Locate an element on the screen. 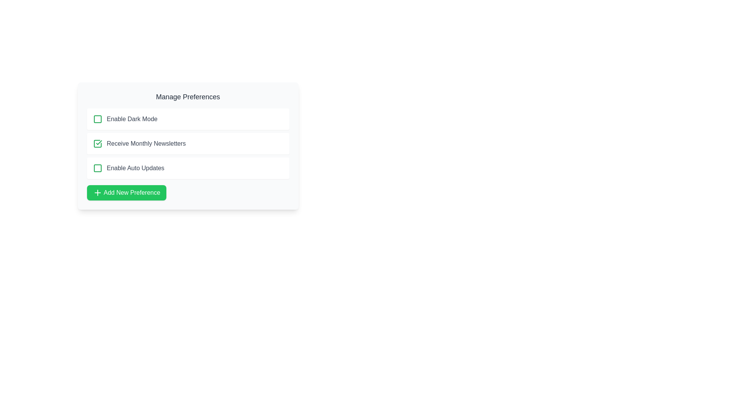 The height and width of the screenshot is (414, 736). the interactive checkbox for 'Enable Auto Updates' is located at coordinates (97, 168).